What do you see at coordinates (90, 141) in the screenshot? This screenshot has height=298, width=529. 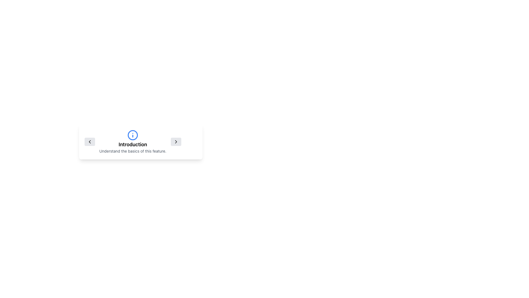 I see `the leftward-pointing chevron icon, which is located next to a blue circular icon with an 'i' symbol` at bounding box center [90, 141].